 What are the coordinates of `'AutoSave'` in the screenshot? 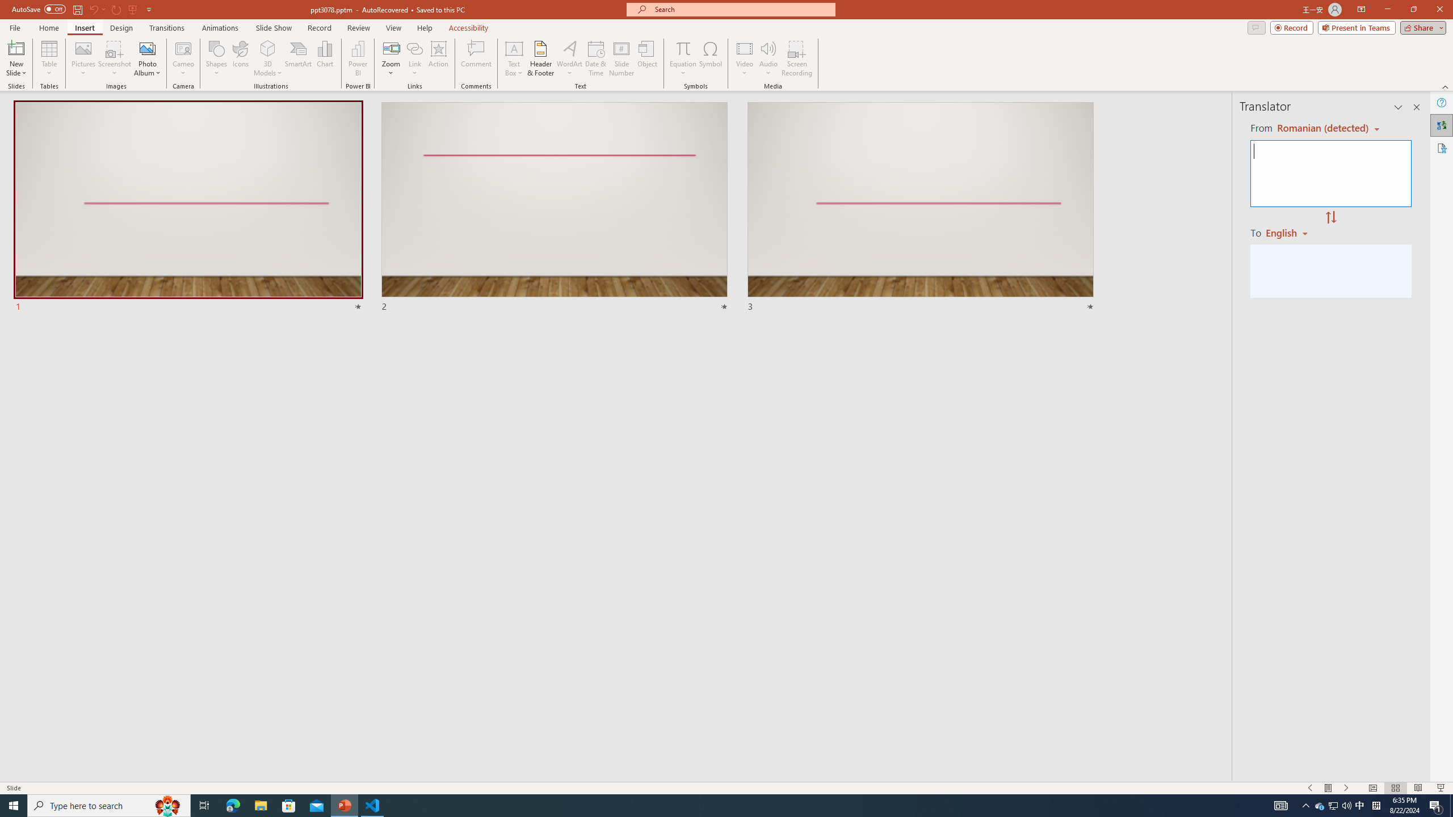 It's located at (39, 9).